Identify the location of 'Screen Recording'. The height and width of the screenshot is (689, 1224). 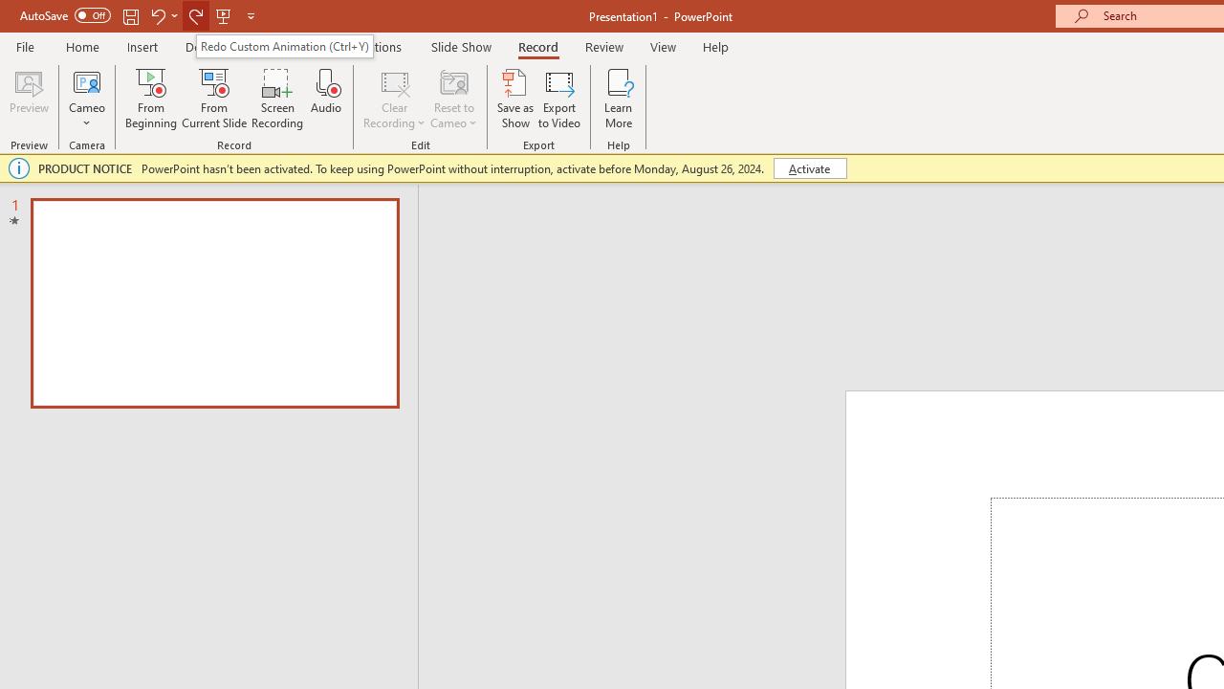
(276, 99).